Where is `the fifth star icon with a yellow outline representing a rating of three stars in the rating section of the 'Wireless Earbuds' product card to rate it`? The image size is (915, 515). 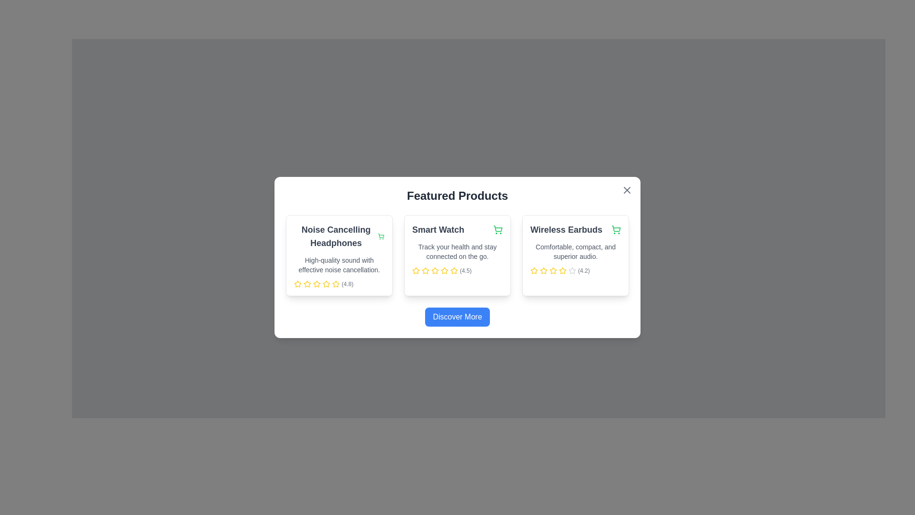
the fifth star icon with a yellow outline representing a rating of three stars in the rating section of the 'Wireless Earbuds' product card to rate it is located at coordinates (553, 270).